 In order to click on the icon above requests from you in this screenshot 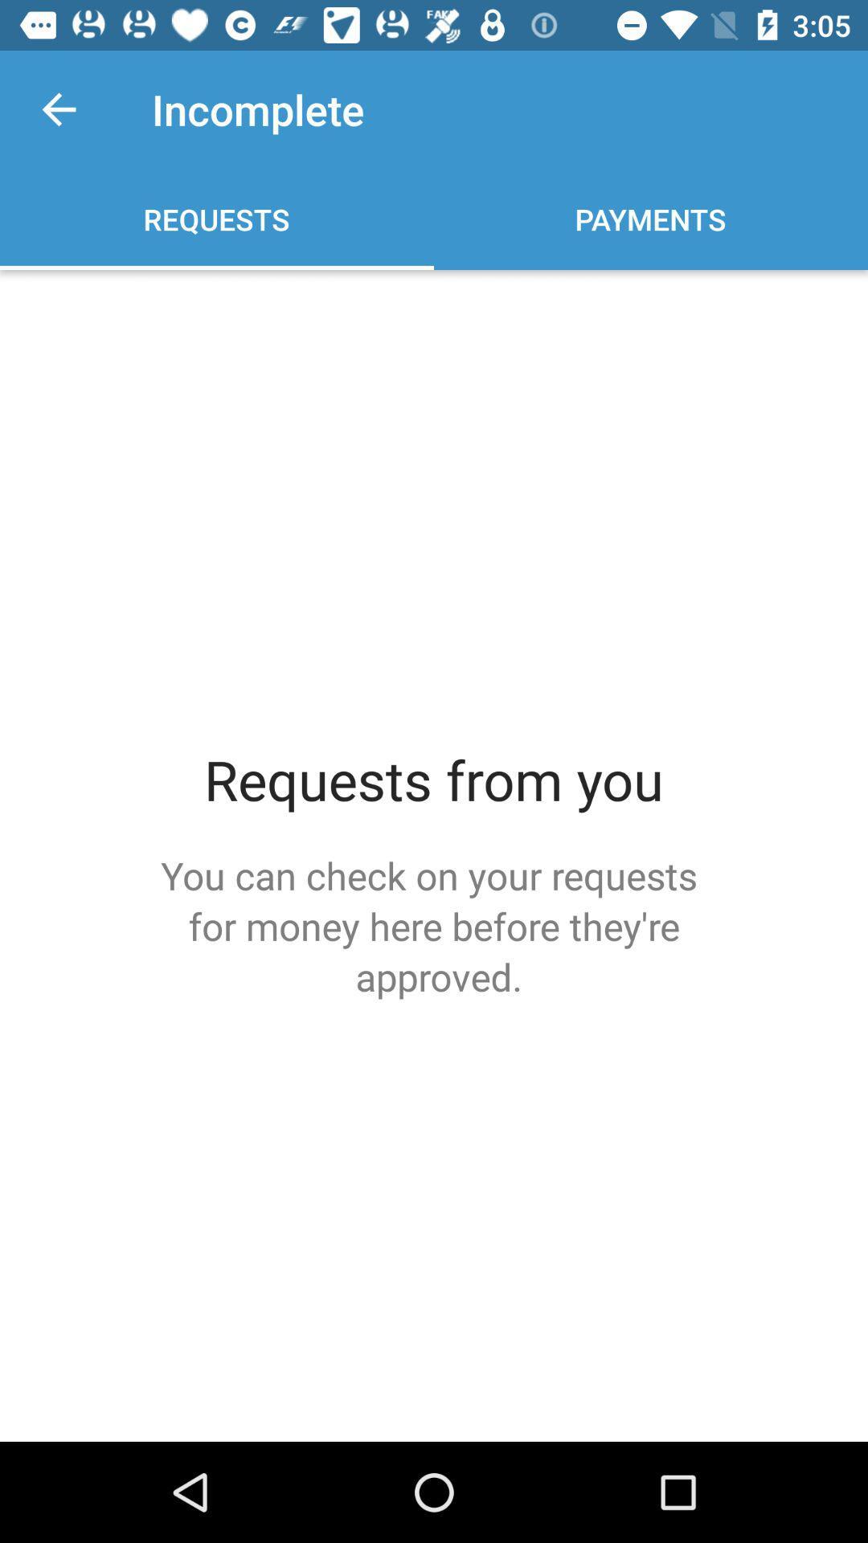, I will do `click(58, 108)`.